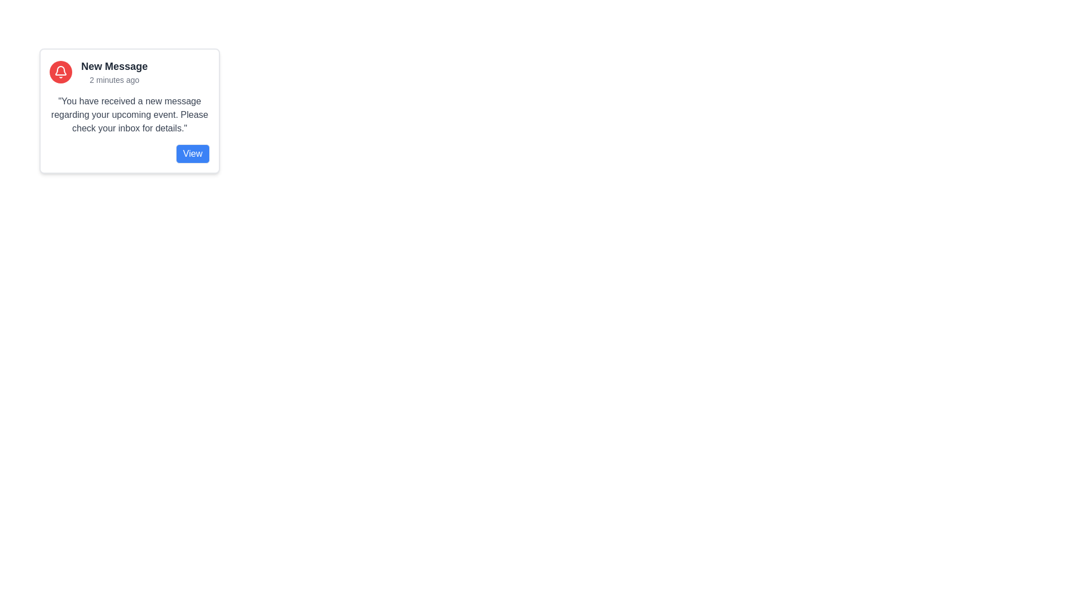  Describe the element at coordinates (130, 72) in the screenshot. I see `the Notification preview element that contains a red circular area with a white bell icon on the left and the text 'New Message' in bold and '2 minutes ago' in light gray underneath` at that location.